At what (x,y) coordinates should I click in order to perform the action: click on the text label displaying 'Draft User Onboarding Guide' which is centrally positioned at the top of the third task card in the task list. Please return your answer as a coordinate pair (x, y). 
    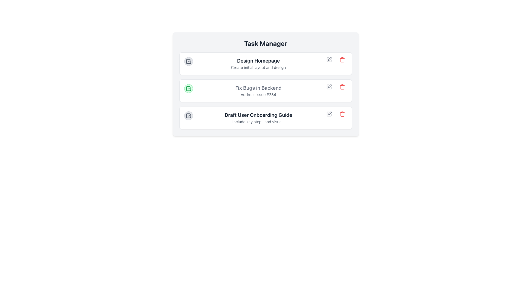
    Looking at the image, I should click on (258, 115).